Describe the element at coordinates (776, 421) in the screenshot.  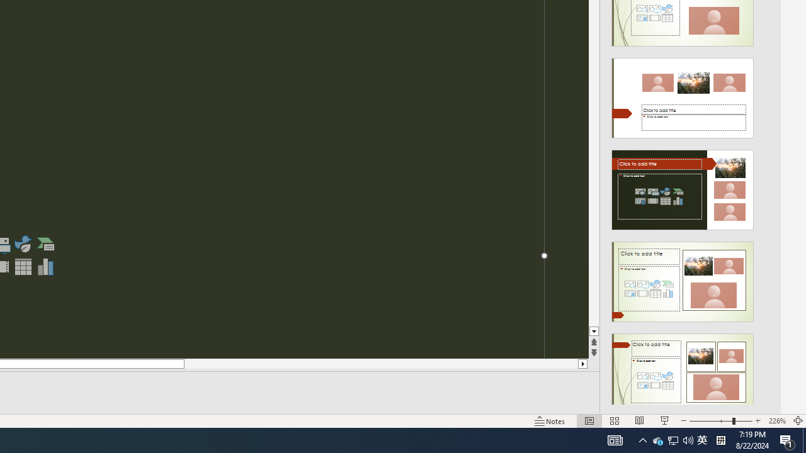
I see `'Zoom 226%'` at that location.